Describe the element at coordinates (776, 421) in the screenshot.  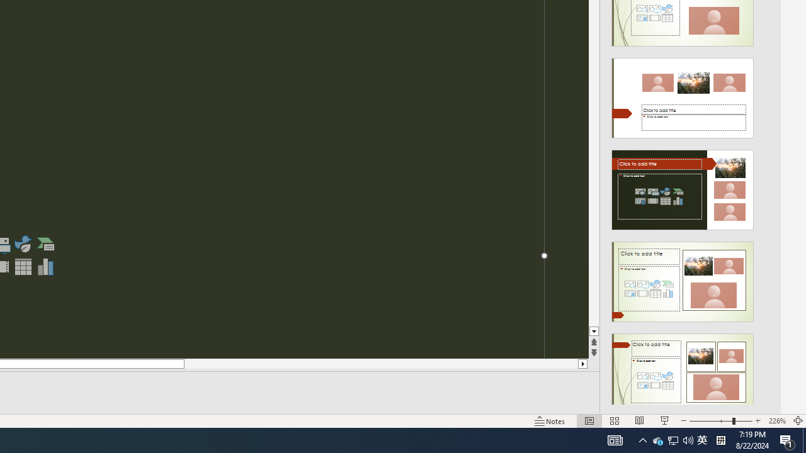
I see `'Zoom 226%'` at that location.